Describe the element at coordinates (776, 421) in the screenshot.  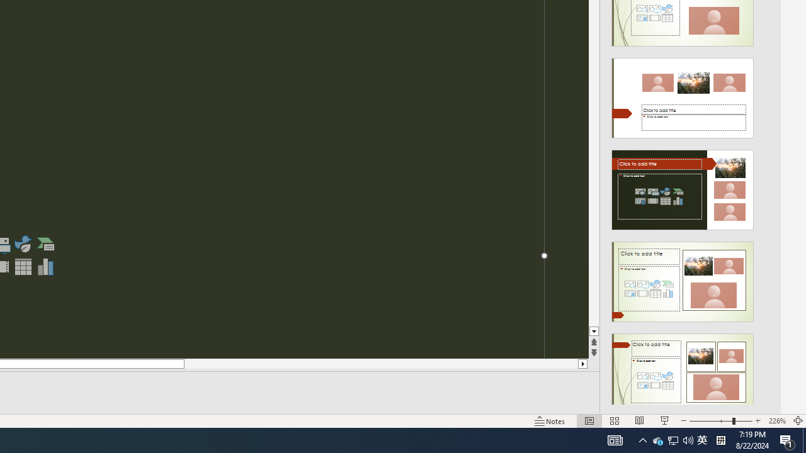
I see `'Zoom 226%'` at that location.